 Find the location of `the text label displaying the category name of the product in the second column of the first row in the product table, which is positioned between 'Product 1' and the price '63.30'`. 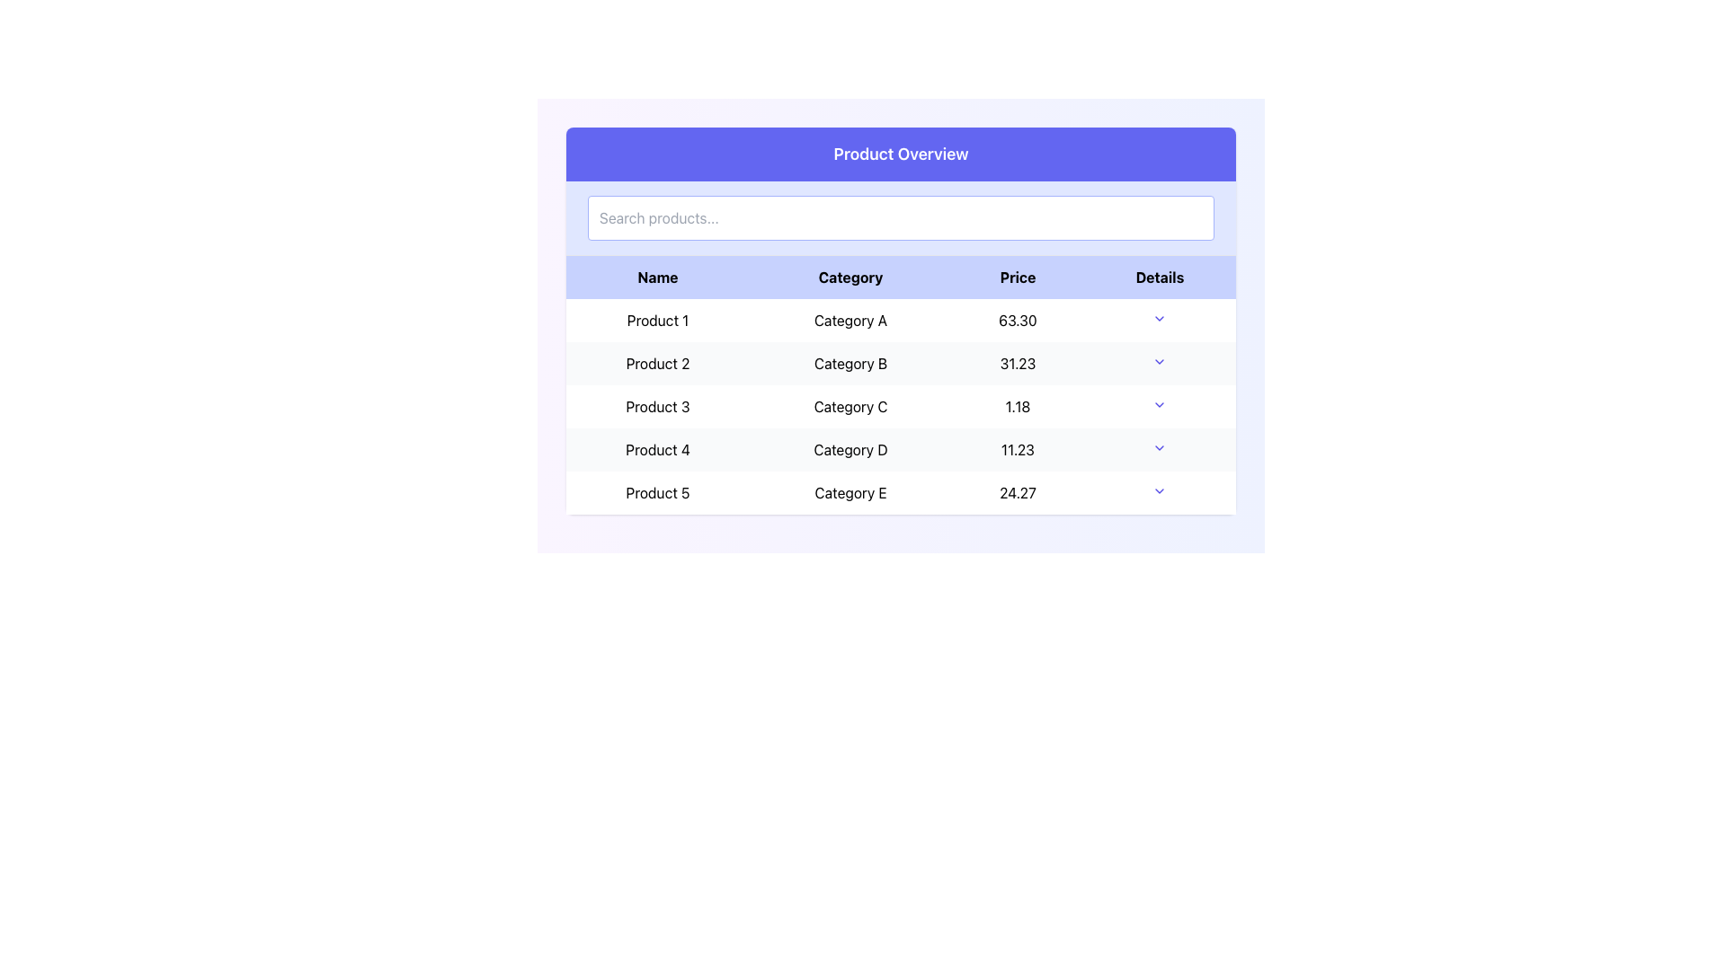

the text label displaying the category name of the product in the second column of the first row in the product table, which is positioned between 'Product 1' and the price '63.30' is located at coordinates (850, 320).